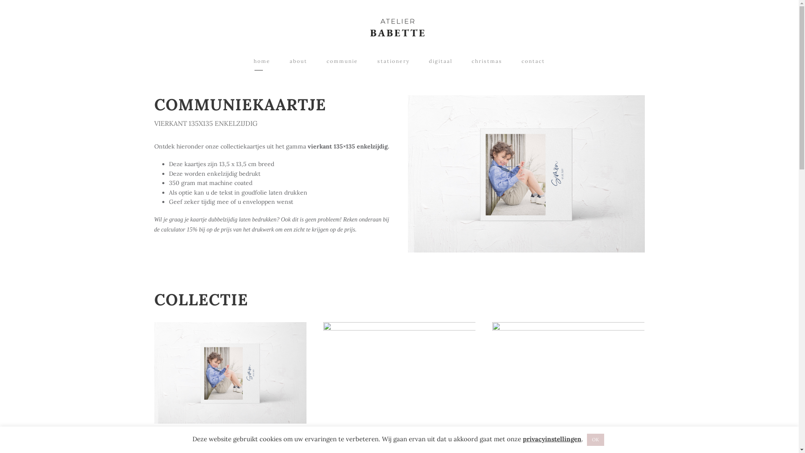 Image resolution: width=805 pixels, height=453 pixels. I want to click on 'Communiekaart-Simon-vierkant148x148', so click(230, 372).